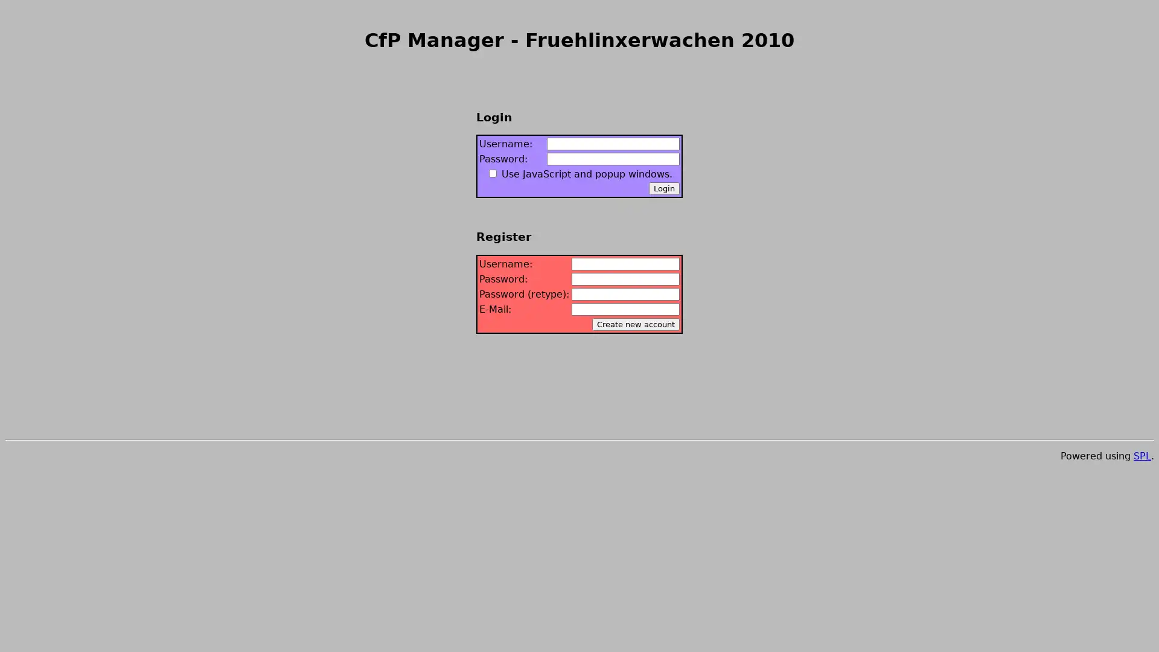 The height and width of the screenshot is (652, 1159). What do you see at coordinates (663, 188) in the screenshot?
I see `Login` at bounding box center [663, 188].